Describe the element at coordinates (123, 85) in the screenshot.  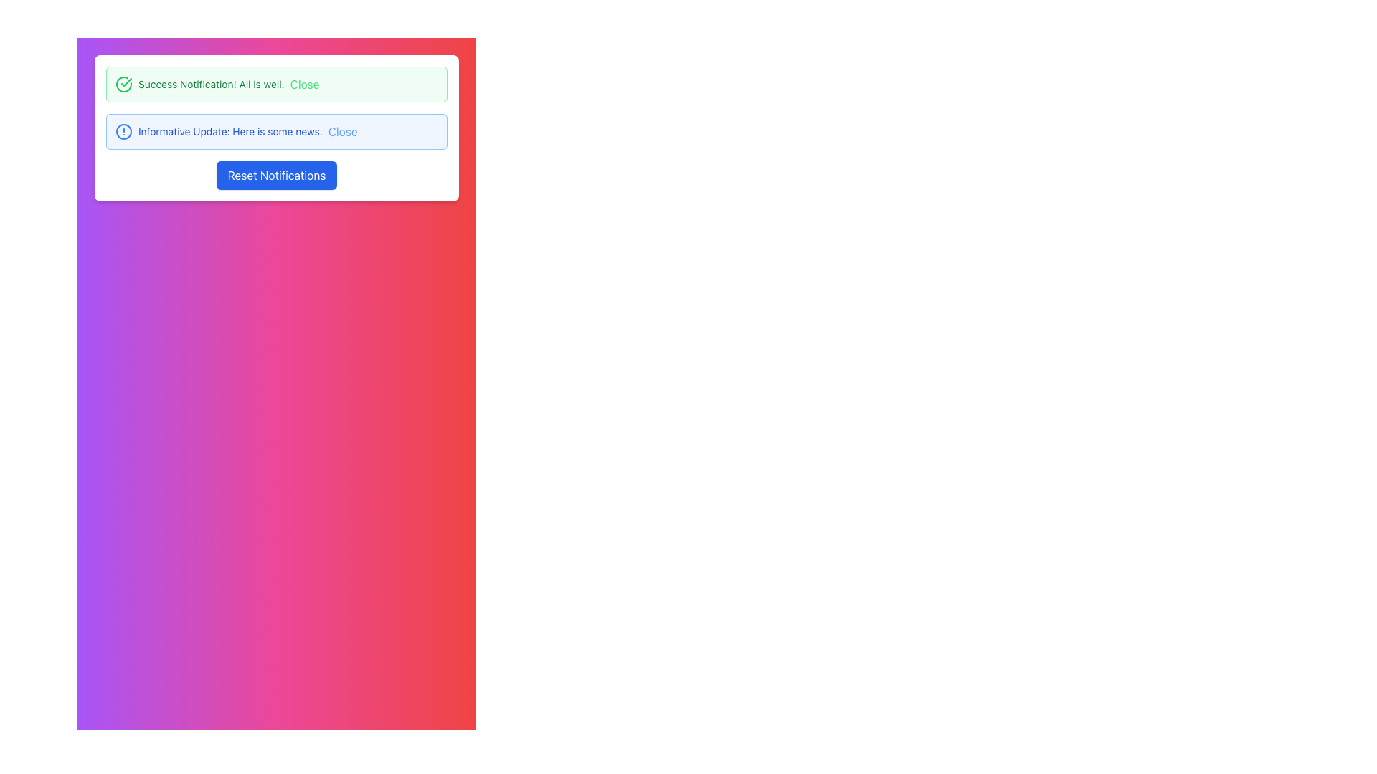
I see `the circular icon with a checkmark inside, located at the left end of the green notification bar that has the text 'Success Notification! All is well.' positioned to its right` at that location.